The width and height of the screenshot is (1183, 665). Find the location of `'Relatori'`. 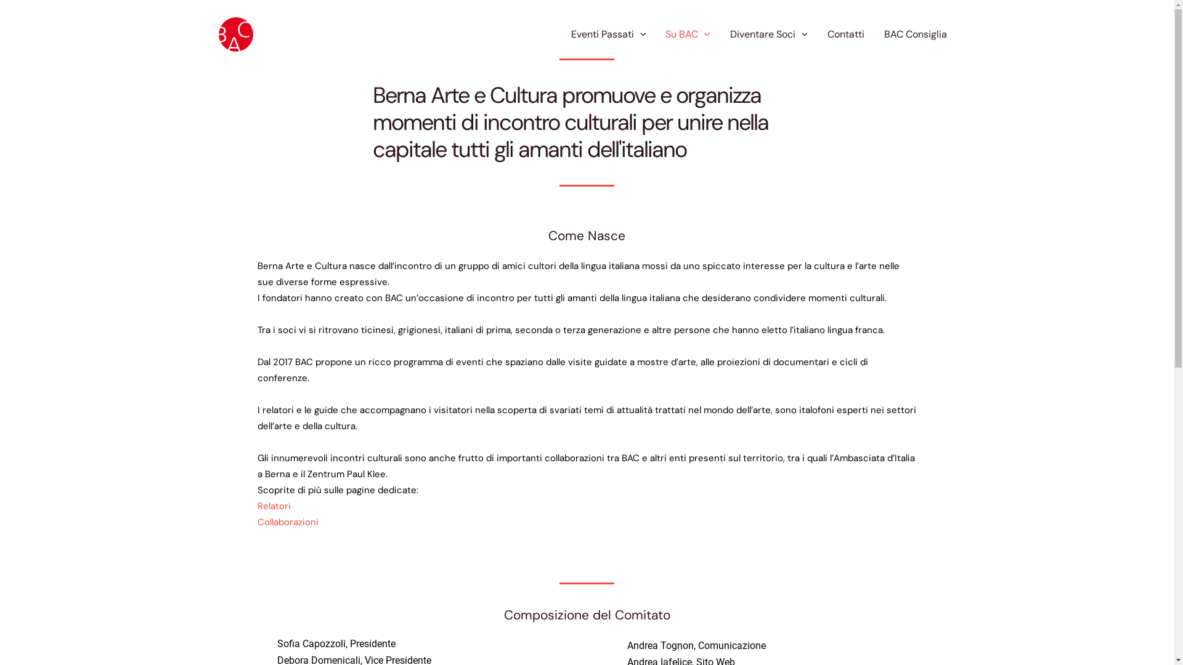

'Relatori' is located at coordinates (274, 506).